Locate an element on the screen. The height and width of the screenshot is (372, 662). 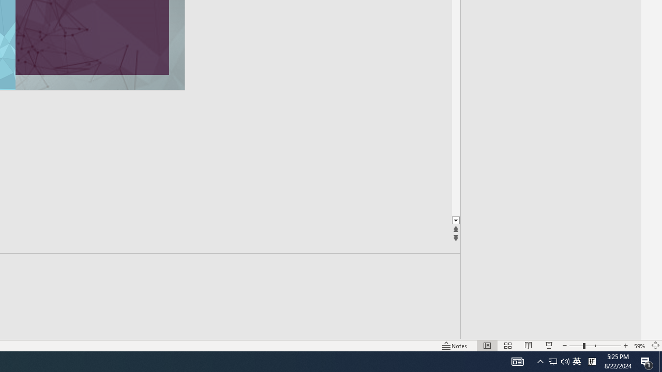
'Zoom 59%' is located at coordinates (639, 346).